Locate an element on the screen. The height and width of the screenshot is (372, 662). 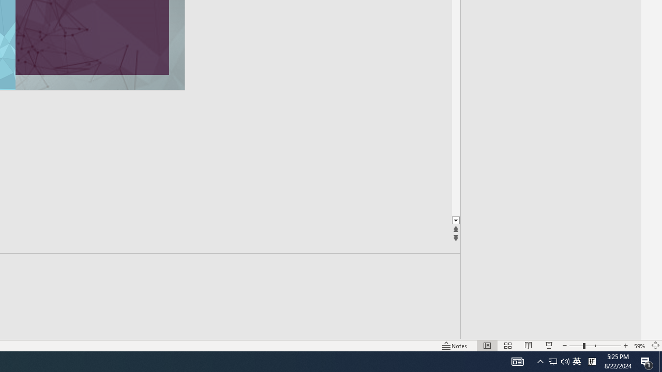
'Zoom 59%' is located at coordinates (639, 346).